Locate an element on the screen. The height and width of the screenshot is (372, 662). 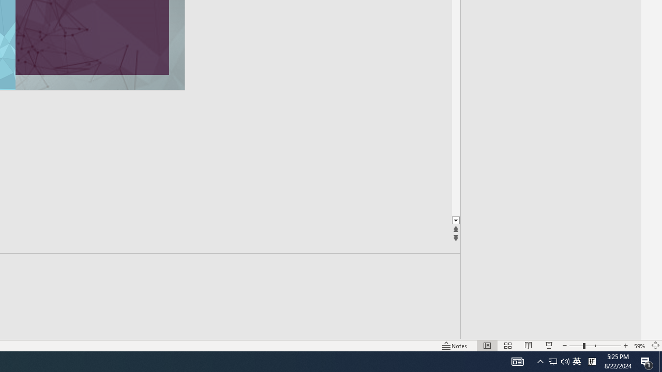
'Zoom 59%' is located at coordinates (639, 346).